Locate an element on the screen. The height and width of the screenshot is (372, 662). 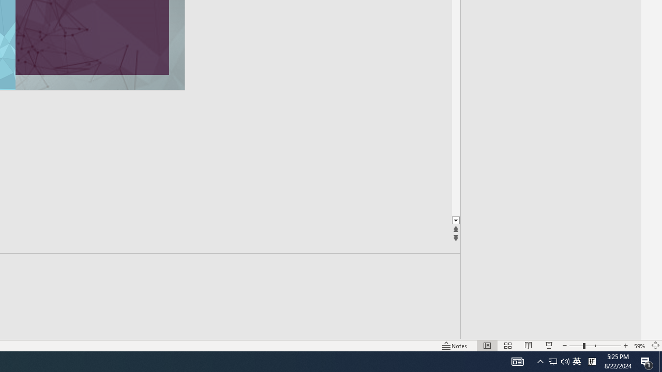
'Zoom 59%' is located at coordinates (639, 346).